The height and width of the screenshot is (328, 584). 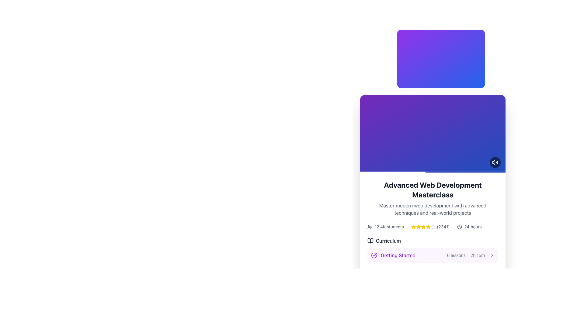 I want to click on the third filled yellow star icon in a horizontal alignment, indicating its position in the rating sequence, so click(x=418, y=227).